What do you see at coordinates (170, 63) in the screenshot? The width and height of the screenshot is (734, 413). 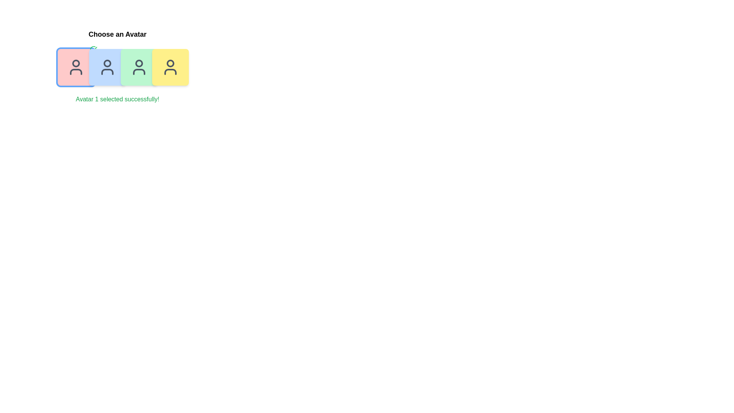 I see `the Circle graphic located at the top-center of the yellow avatar icon, which serves as a decorative visual component within the avatar selection options` at bounding box center [170, 63].